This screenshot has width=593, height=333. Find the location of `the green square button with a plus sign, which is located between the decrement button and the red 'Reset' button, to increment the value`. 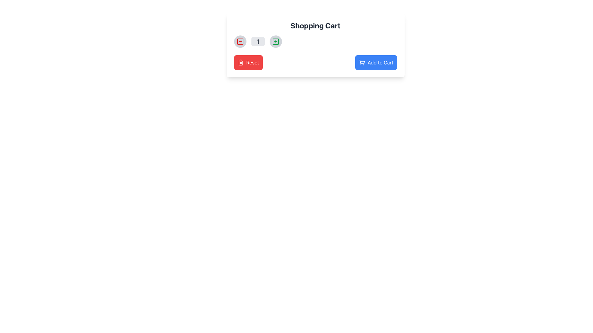

the green square button with a plus sign, which is located between the decrement button and the red 'Reset' button, to increment the value is located at coordinates (275, 42).